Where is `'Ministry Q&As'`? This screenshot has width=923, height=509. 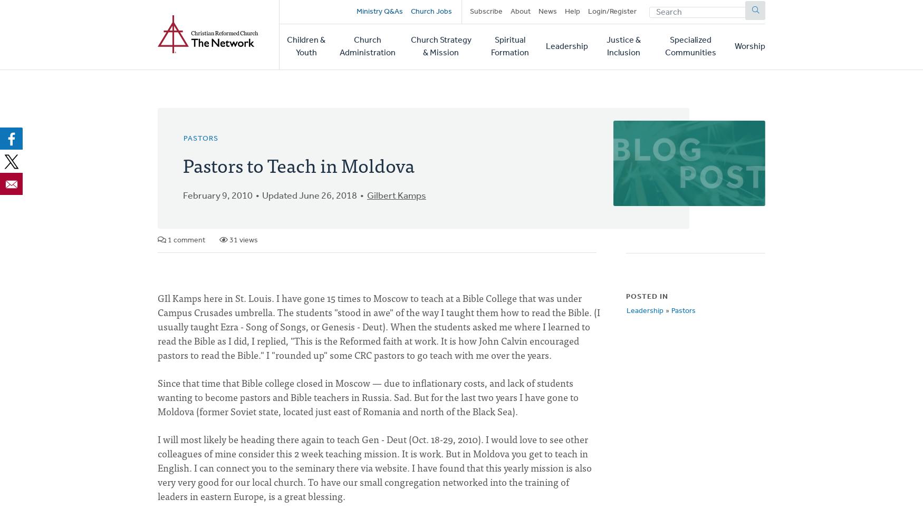 'Ministry Q&As' is located at coordinates (355, 11).